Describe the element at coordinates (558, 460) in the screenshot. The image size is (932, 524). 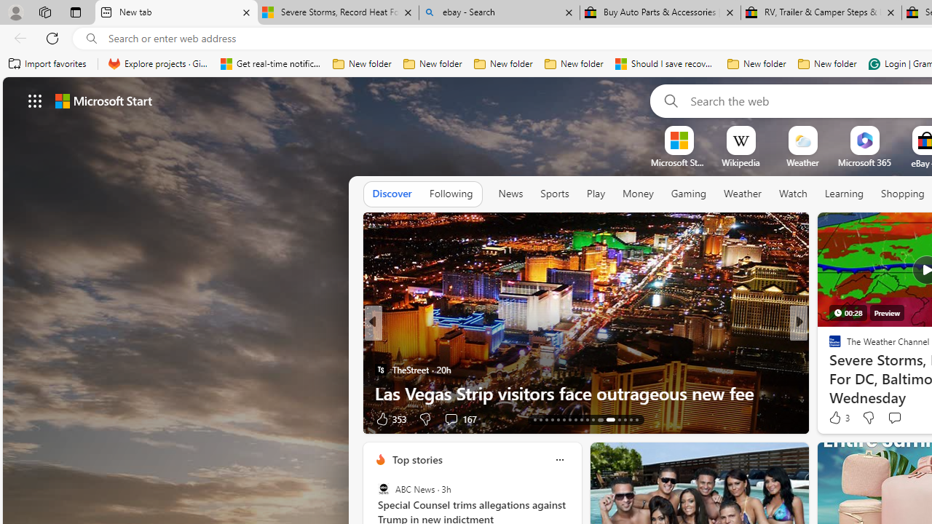
I see `'Class: icon-img'` at that location.